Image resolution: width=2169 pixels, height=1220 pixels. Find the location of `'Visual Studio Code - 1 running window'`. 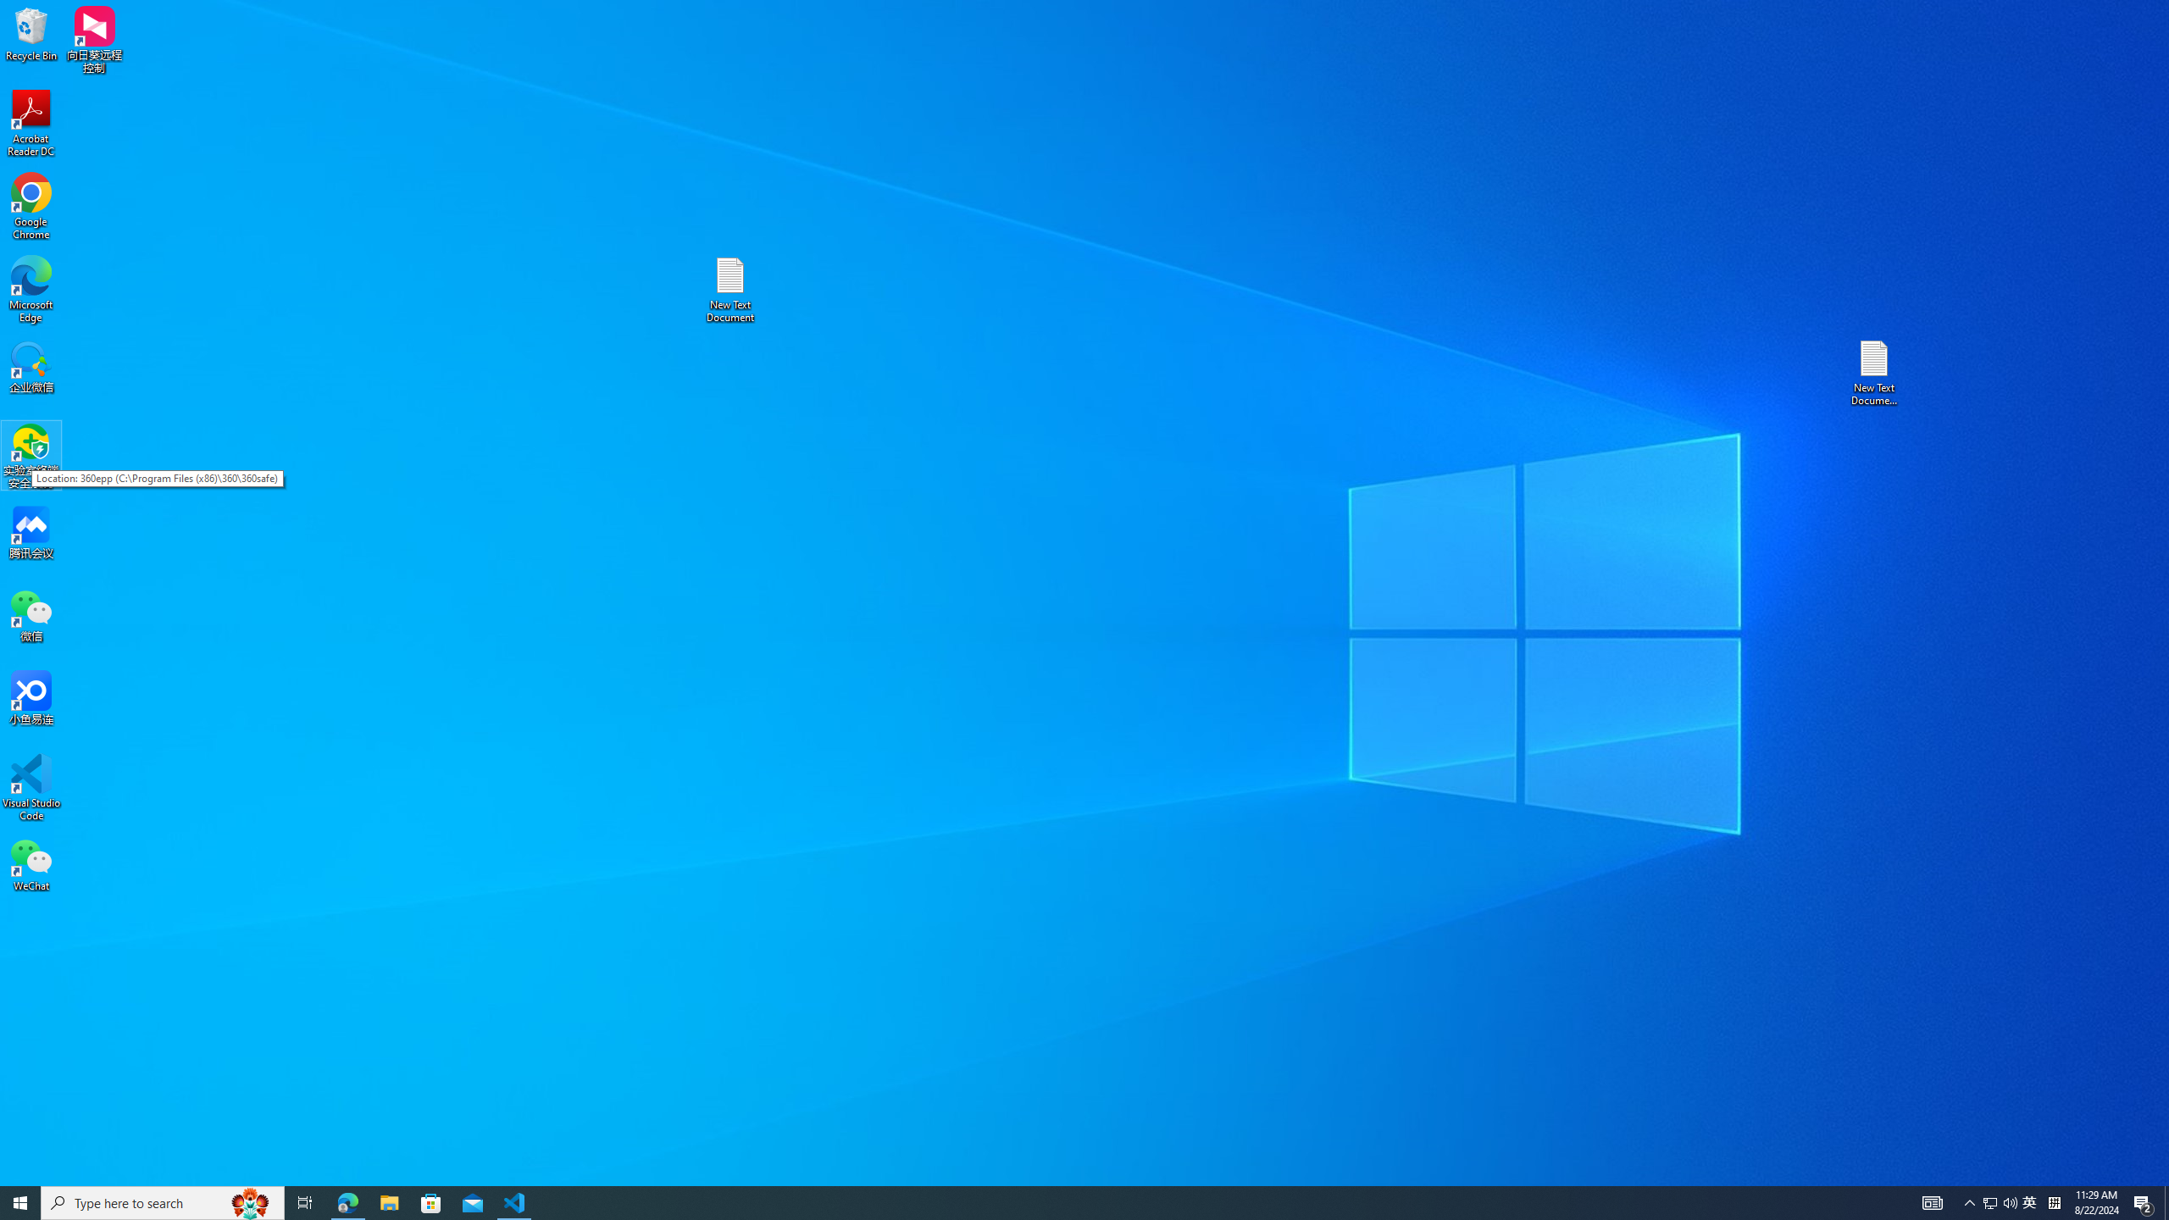

'Visual Studio Code - 1 running window' is located at coordinates (514, 1201).